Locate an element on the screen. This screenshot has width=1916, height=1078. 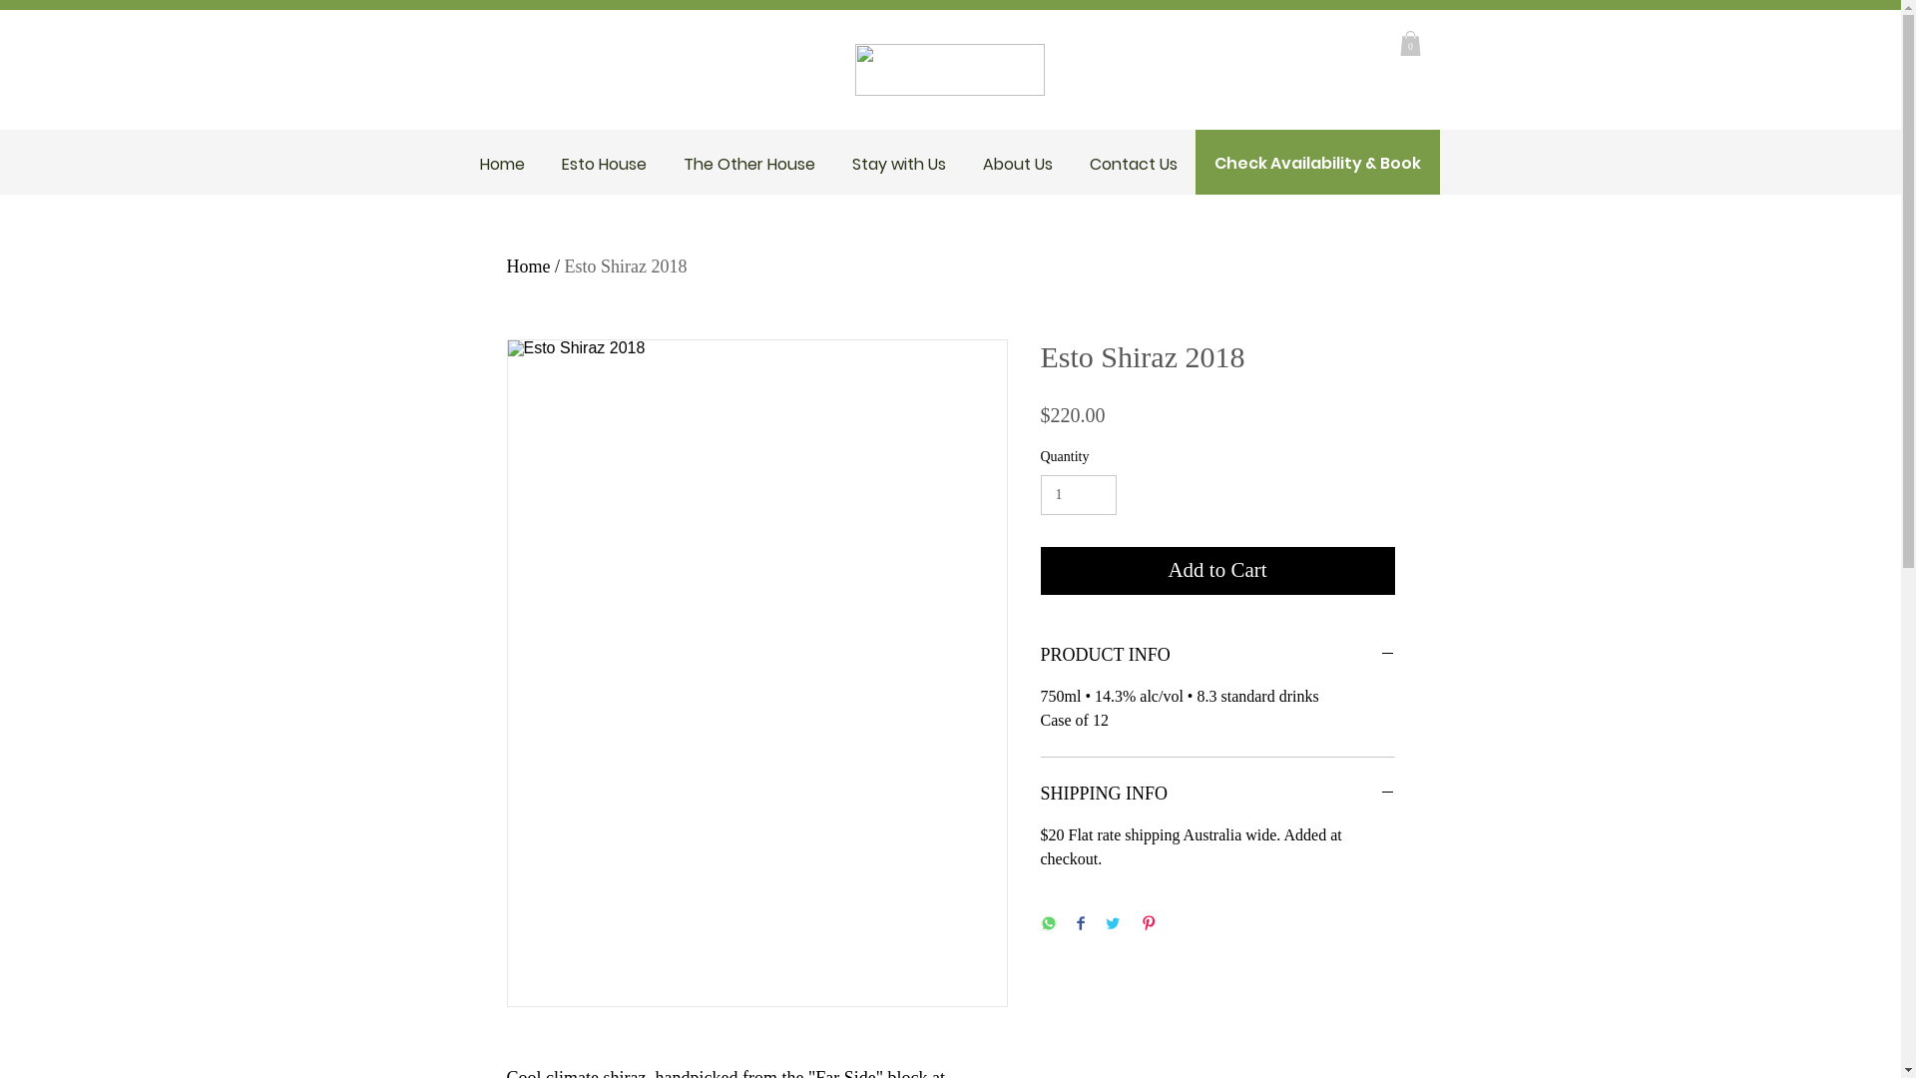
'Check Availability & Book' is located at coordinates (1317, 163).